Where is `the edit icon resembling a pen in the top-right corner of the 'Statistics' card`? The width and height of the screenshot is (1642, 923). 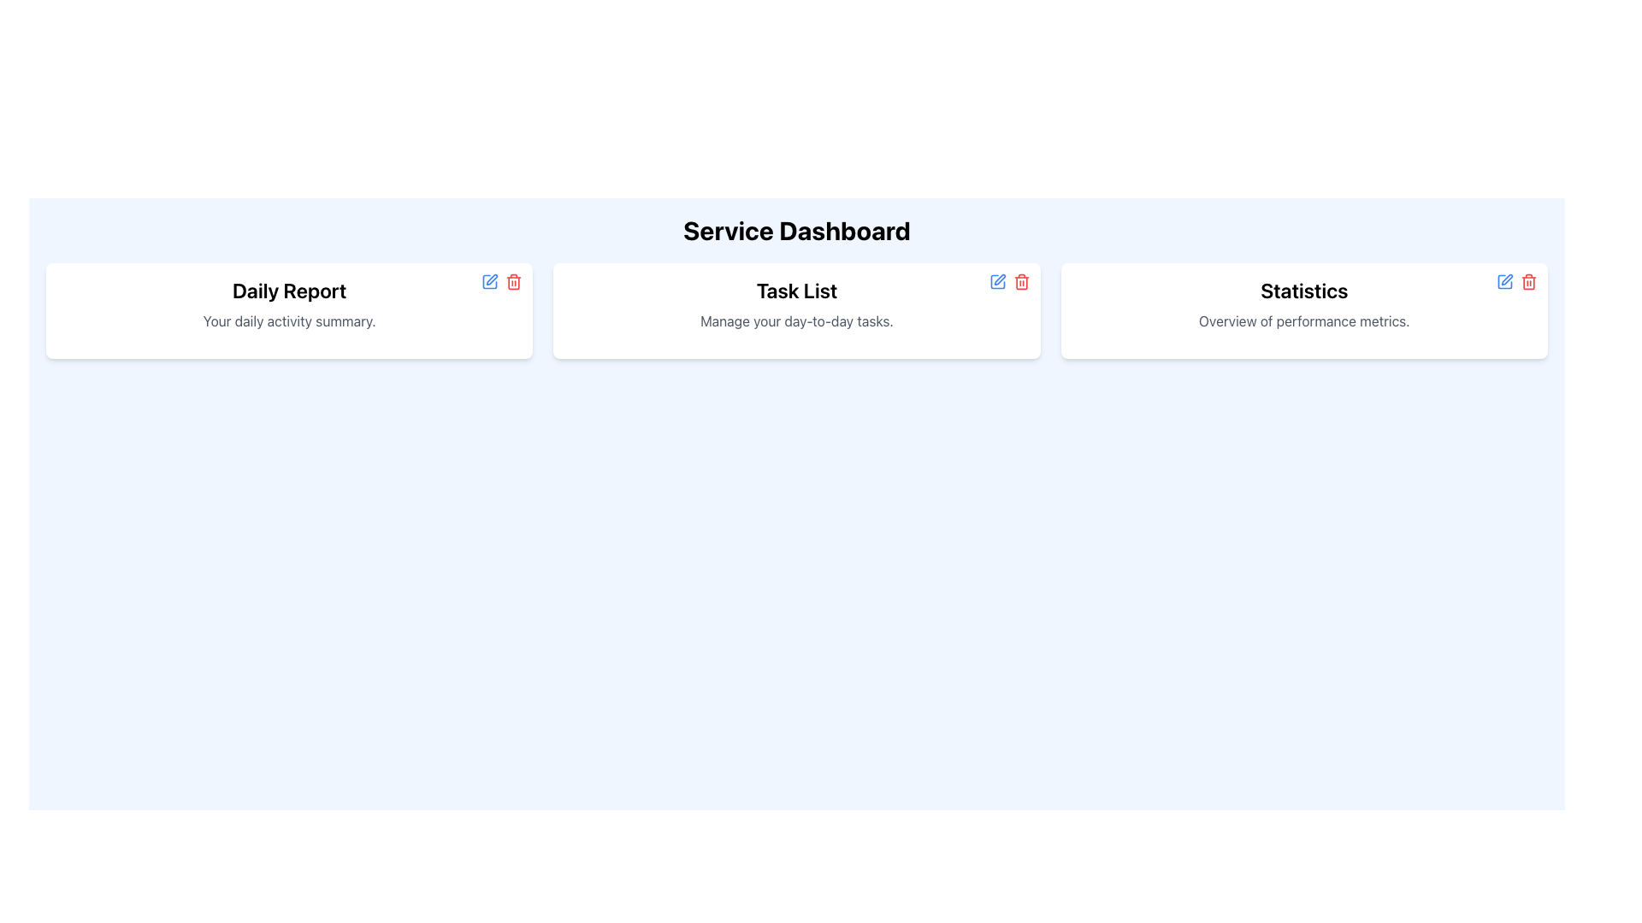
the edit icon resembling a pen in the top-right corner of the 'Statistics' card is located at coordinates (1507, 279).